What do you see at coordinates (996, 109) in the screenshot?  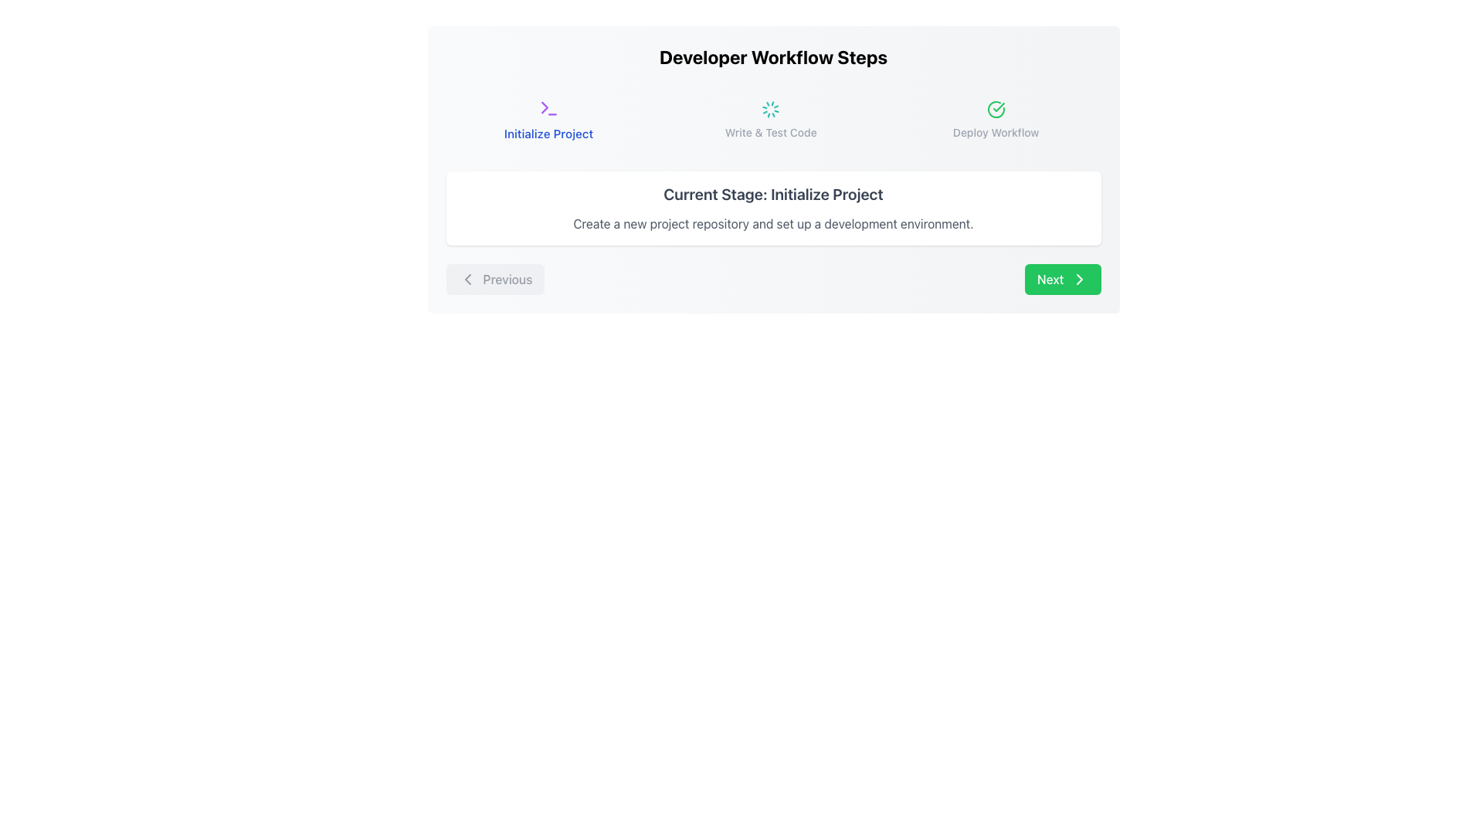 I see `the success icon indicating completion of the 'Deploy Workflow' step` at bounding box center [996, 109].